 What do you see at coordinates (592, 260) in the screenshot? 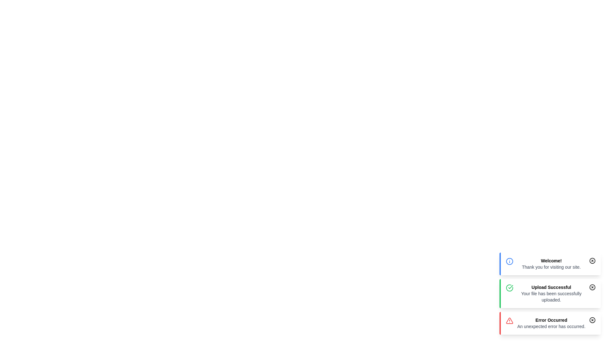
I see `the small circular icon with a cross (X) symbol located at the far-right in the notification box displaying 'Welcome! Thank you for visiting our site.'` at bounding box center [592, 260].